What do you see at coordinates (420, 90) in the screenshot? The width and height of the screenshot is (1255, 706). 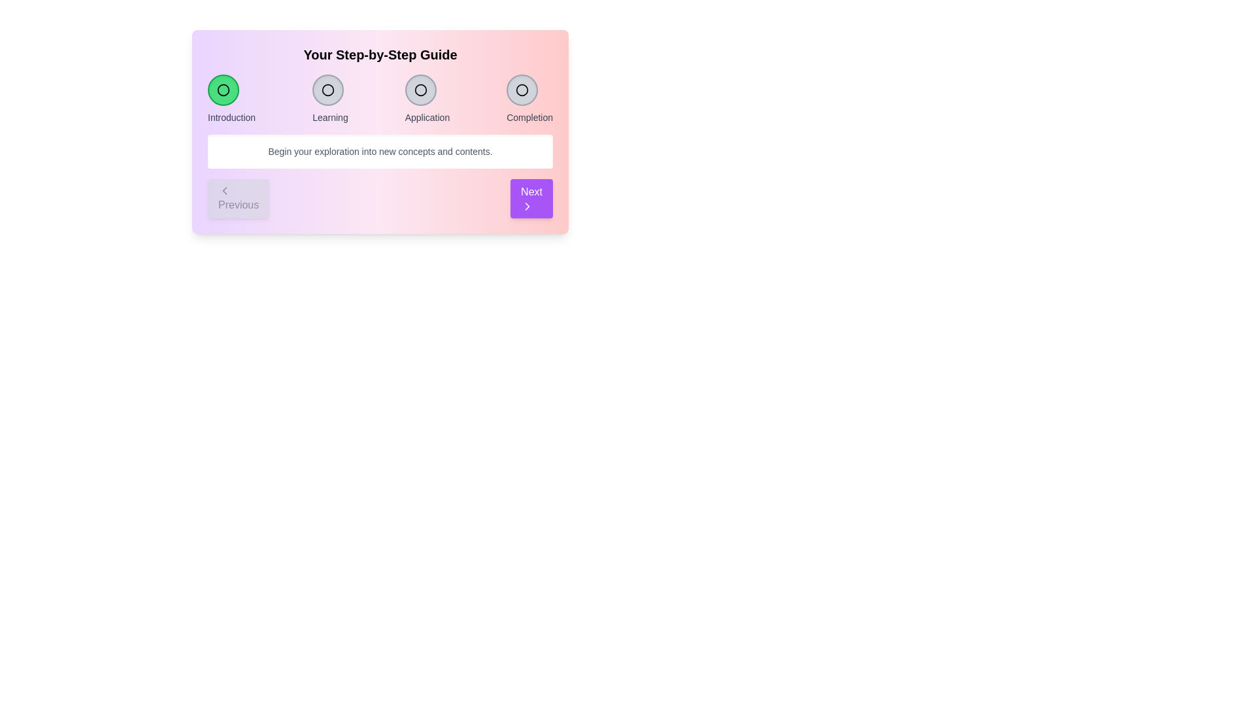 I see `the 'Application' stage button in the progress tracker` at bounding box center [420, 90].